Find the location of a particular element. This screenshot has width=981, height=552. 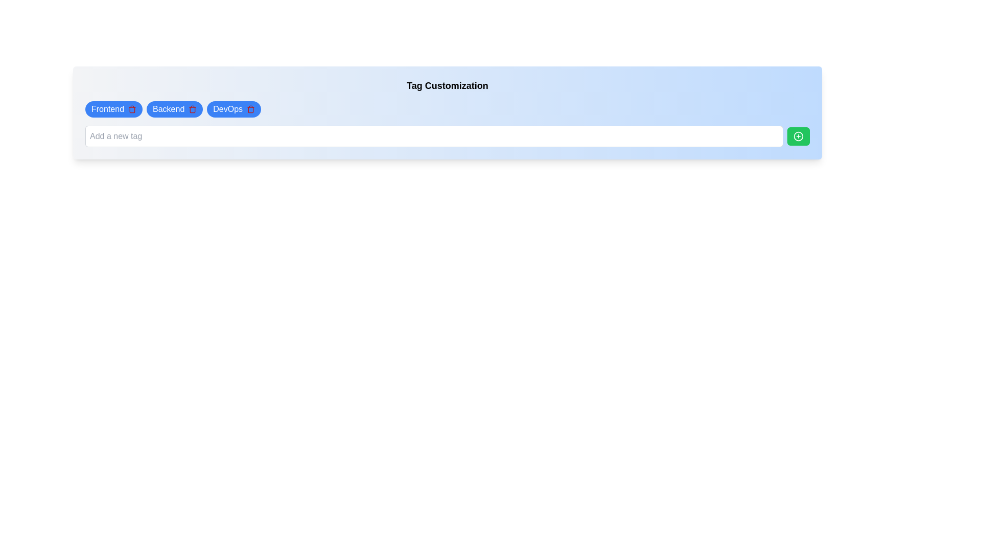

the trash icon is located at coordinates (175, 109).